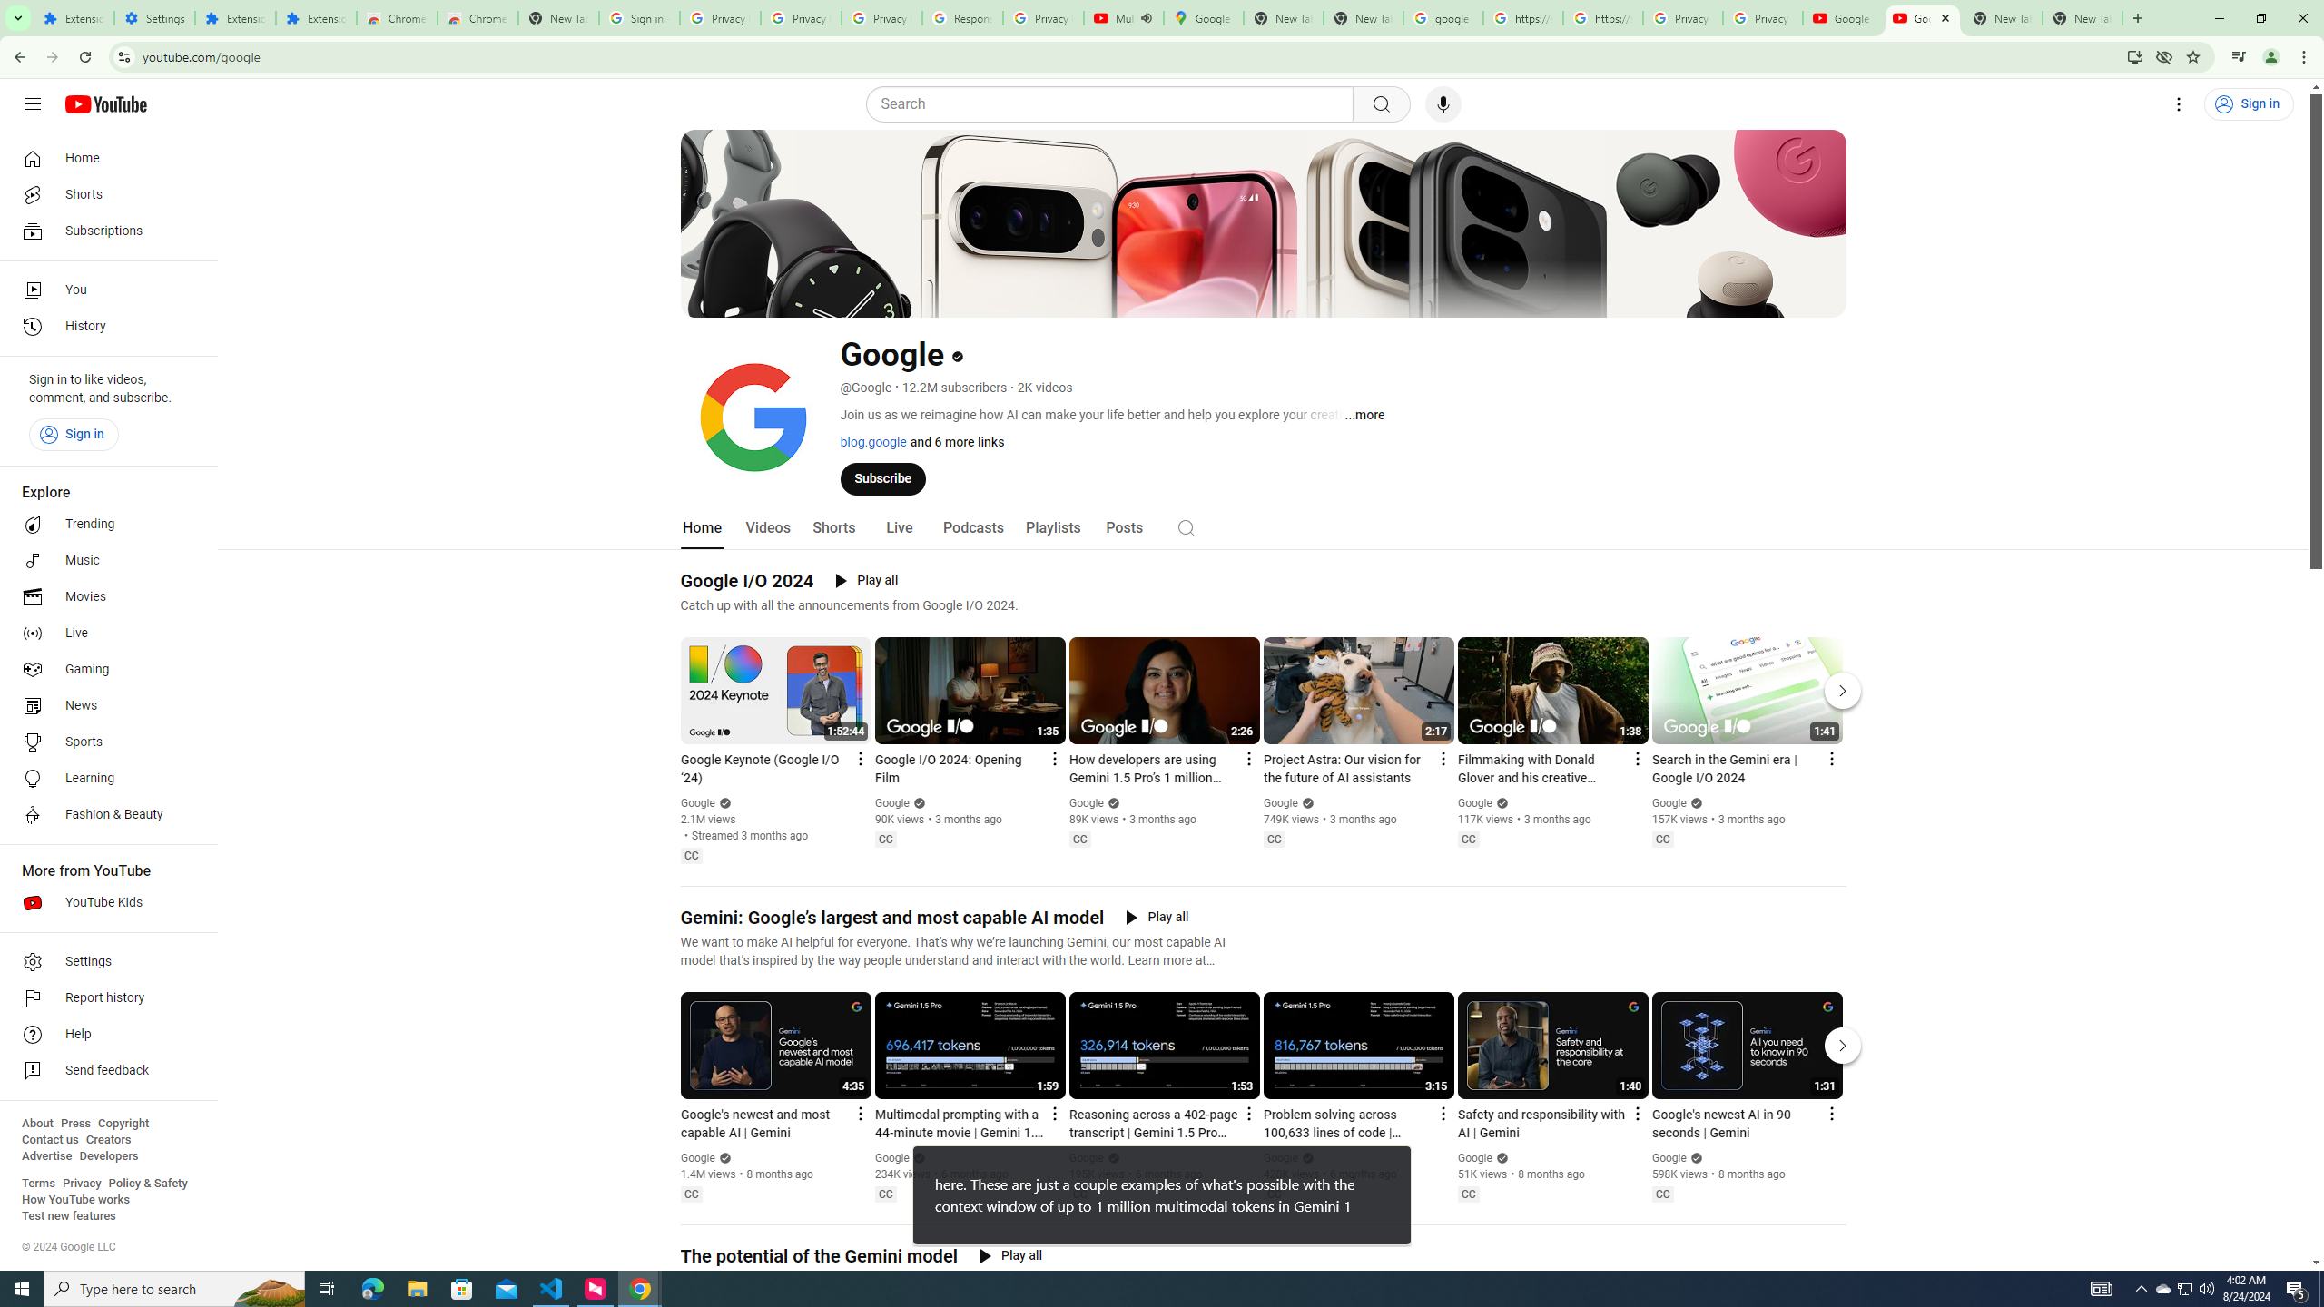  What do you see at coordinates (1145, 17) in the screenshot?
I see `'Mute tab'` at bounding box center [1145, 17].